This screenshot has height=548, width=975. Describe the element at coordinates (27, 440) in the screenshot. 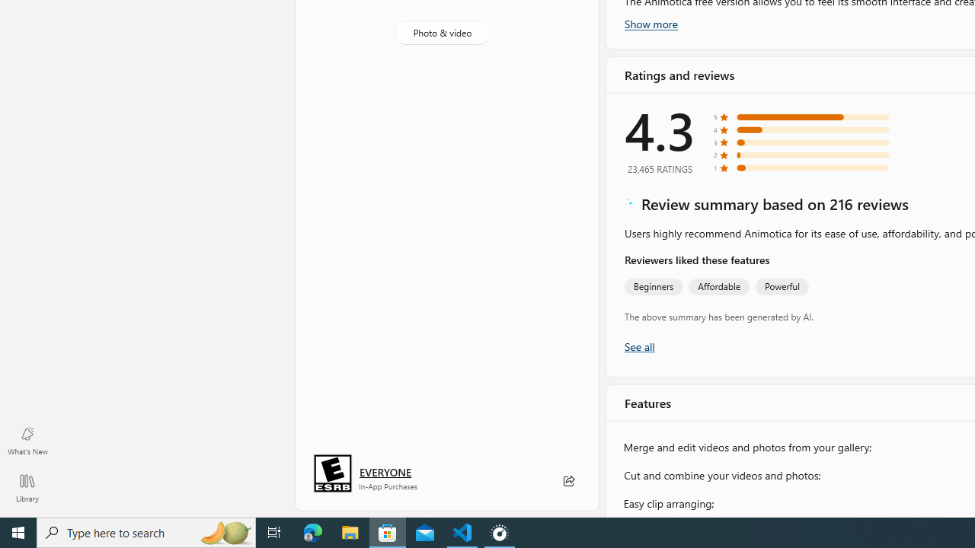

I see `'What'` at that location.